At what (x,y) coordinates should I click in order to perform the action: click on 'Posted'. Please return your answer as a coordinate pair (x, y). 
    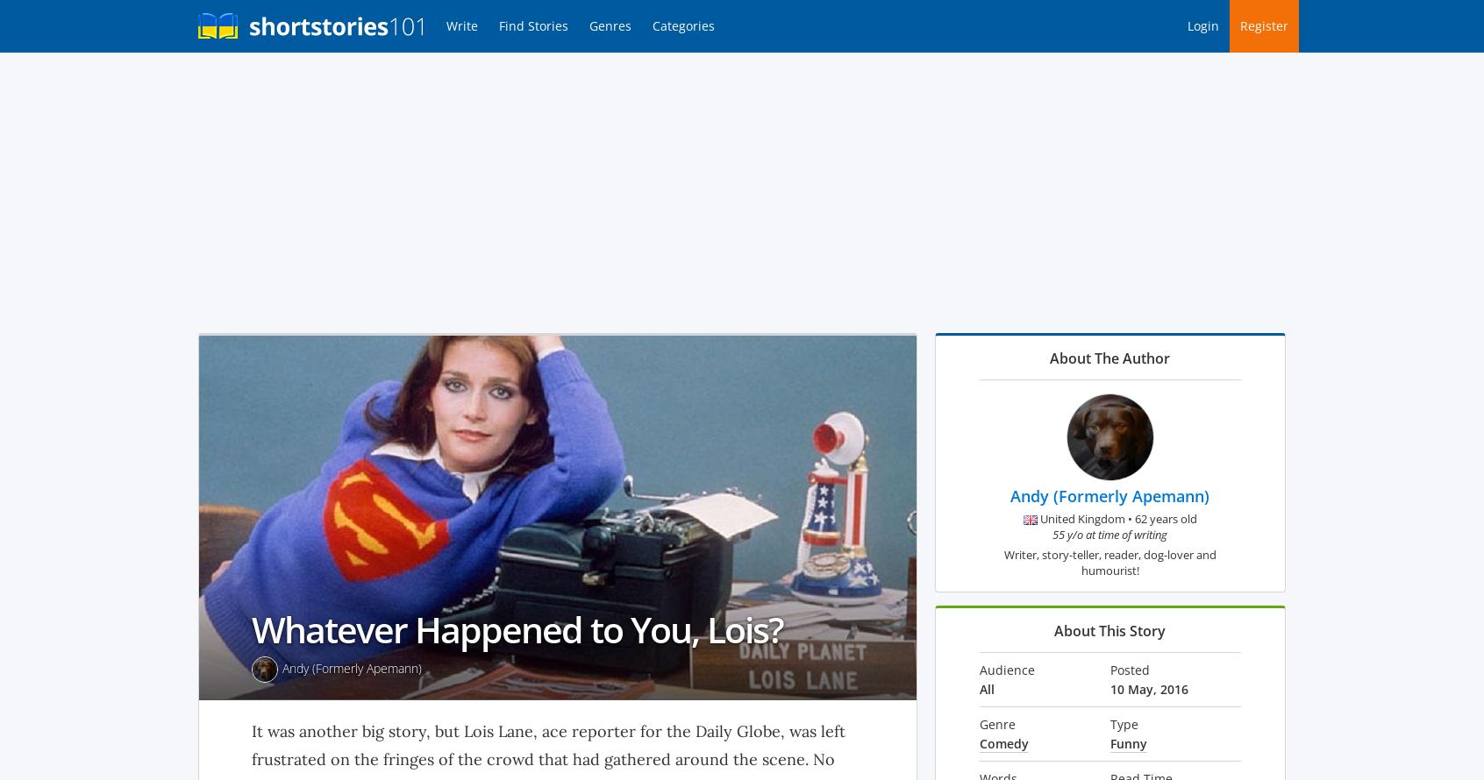
    Looking at the image, I should click on (1128, 670).